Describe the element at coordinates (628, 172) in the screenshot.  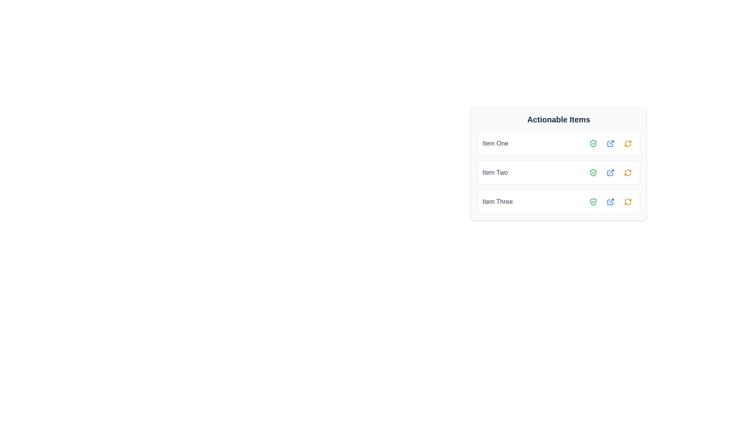
I see `the circular arrow icon button, which represents the refresh functionality and is the fourth button in the row of the 'Actionable Items' table` at that location.